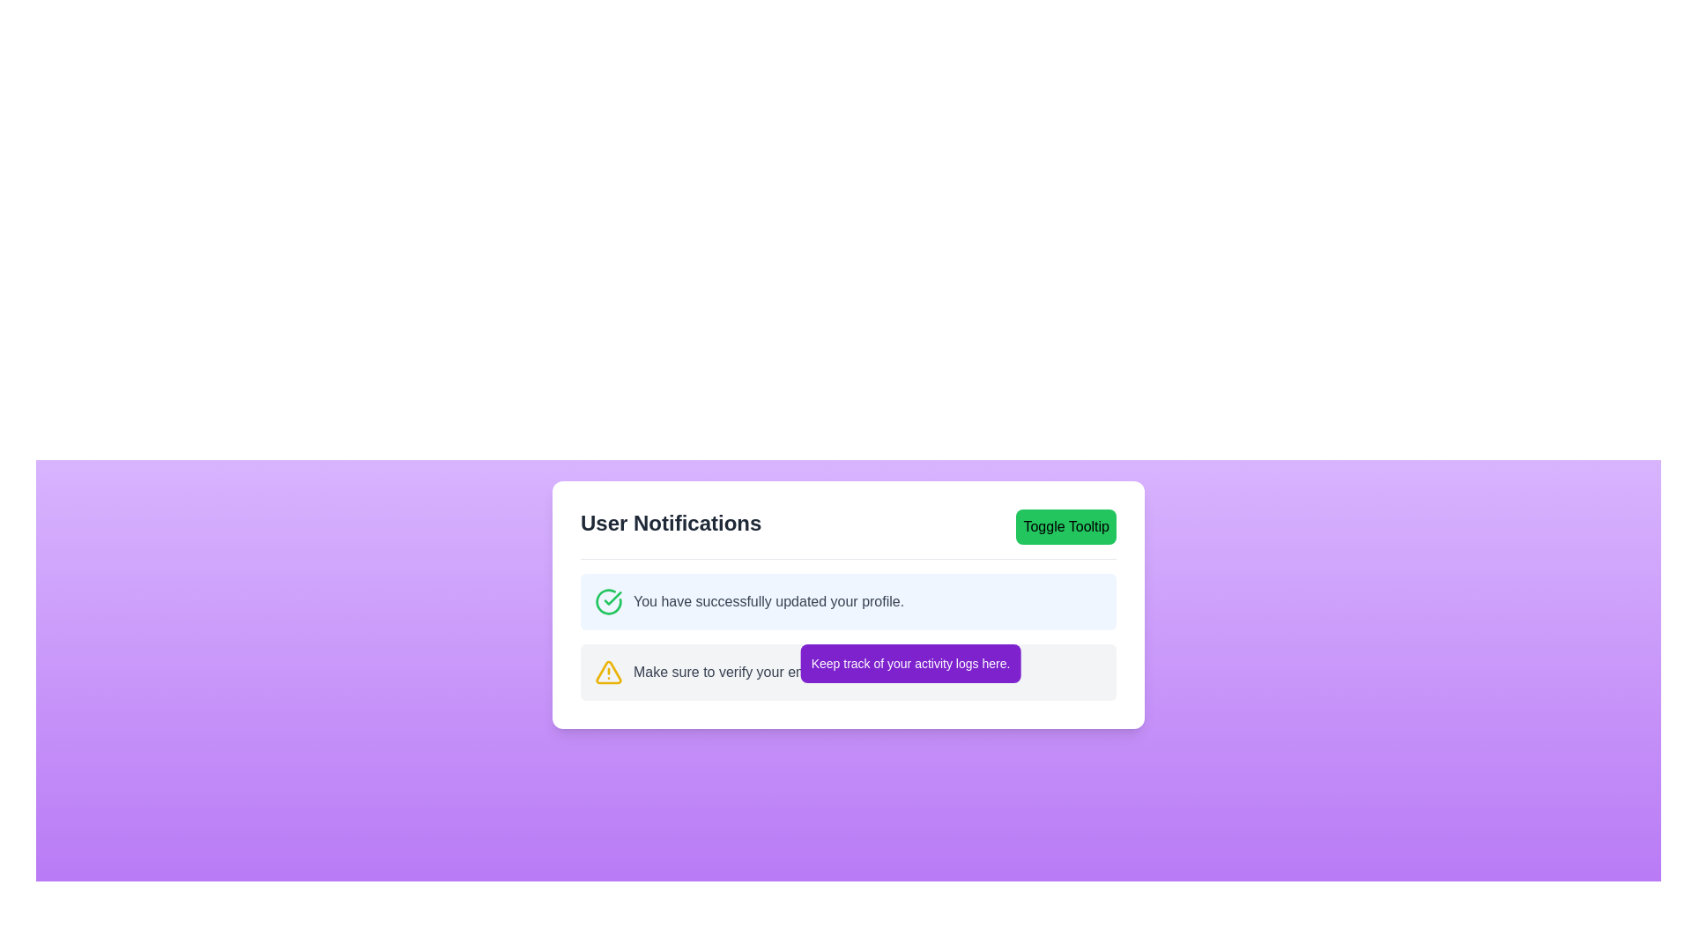  Describe the element at coordinates (849, 673) in the screenshot. I see `the tooltip associated with the 'Make sure to verify your email address.' message, located in the notification section of the interface` at that location.